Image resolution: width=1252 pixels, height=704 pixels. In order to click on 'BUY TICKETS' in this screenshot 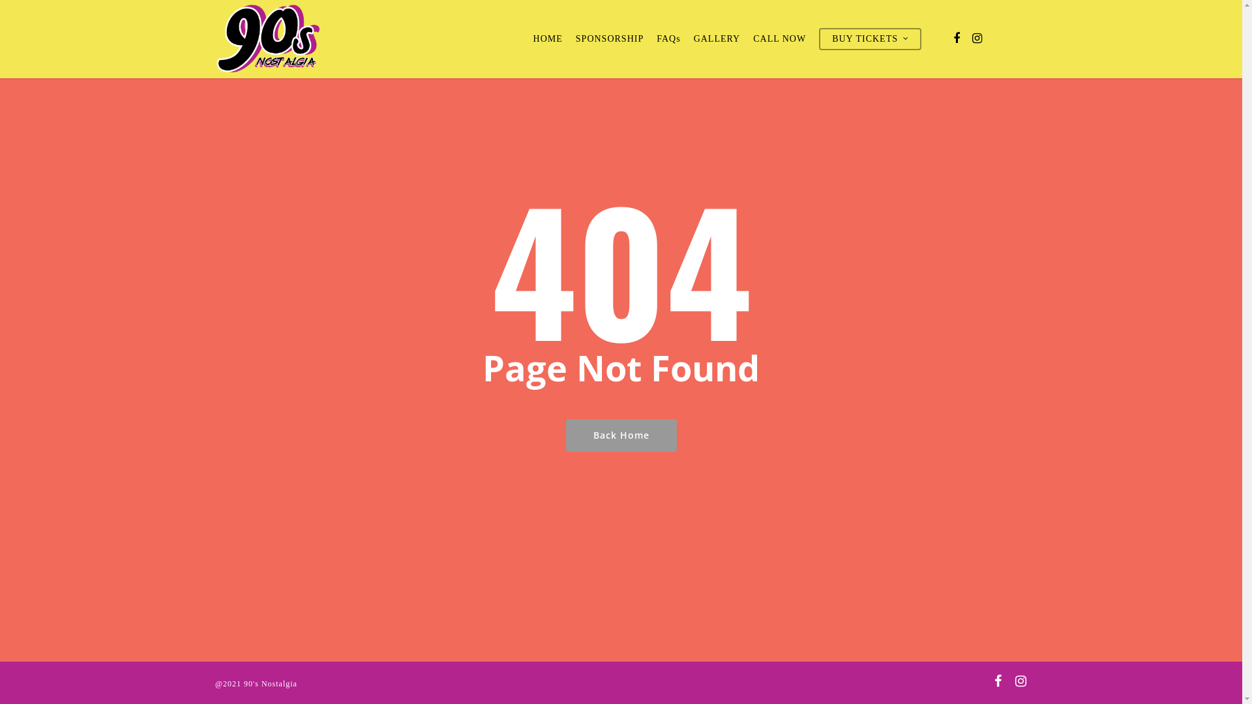, I will do `click(870, 38)`.